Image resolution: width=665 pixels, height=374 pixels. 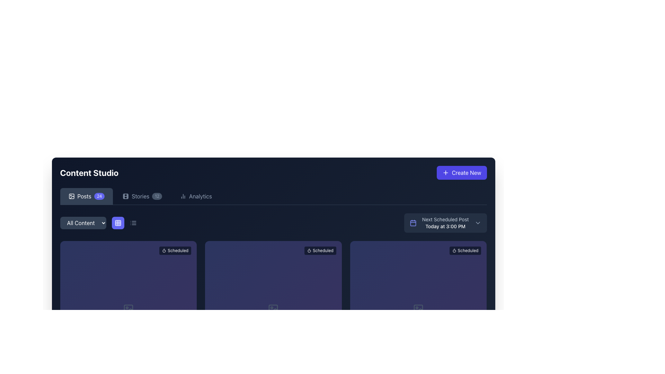 I want to click on the list-style button with three horizontal lines and small dots, located in the upper section of the interface within the 'Content Studio' horizontal selection bar, so click(x=133, y=223).